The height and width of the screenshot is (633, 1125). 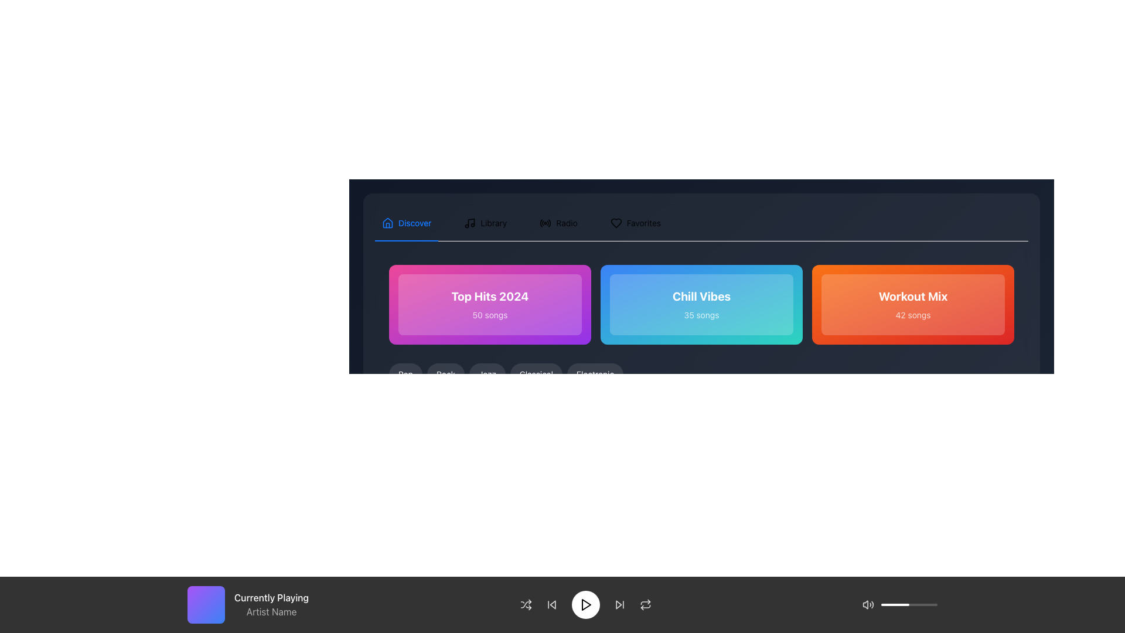 I want to click on the sound speaker icon located in the bottom-right corner of the interface, represented by a right-oriented triangle with sound waves, to interact with it, so click(x=868, y=605).